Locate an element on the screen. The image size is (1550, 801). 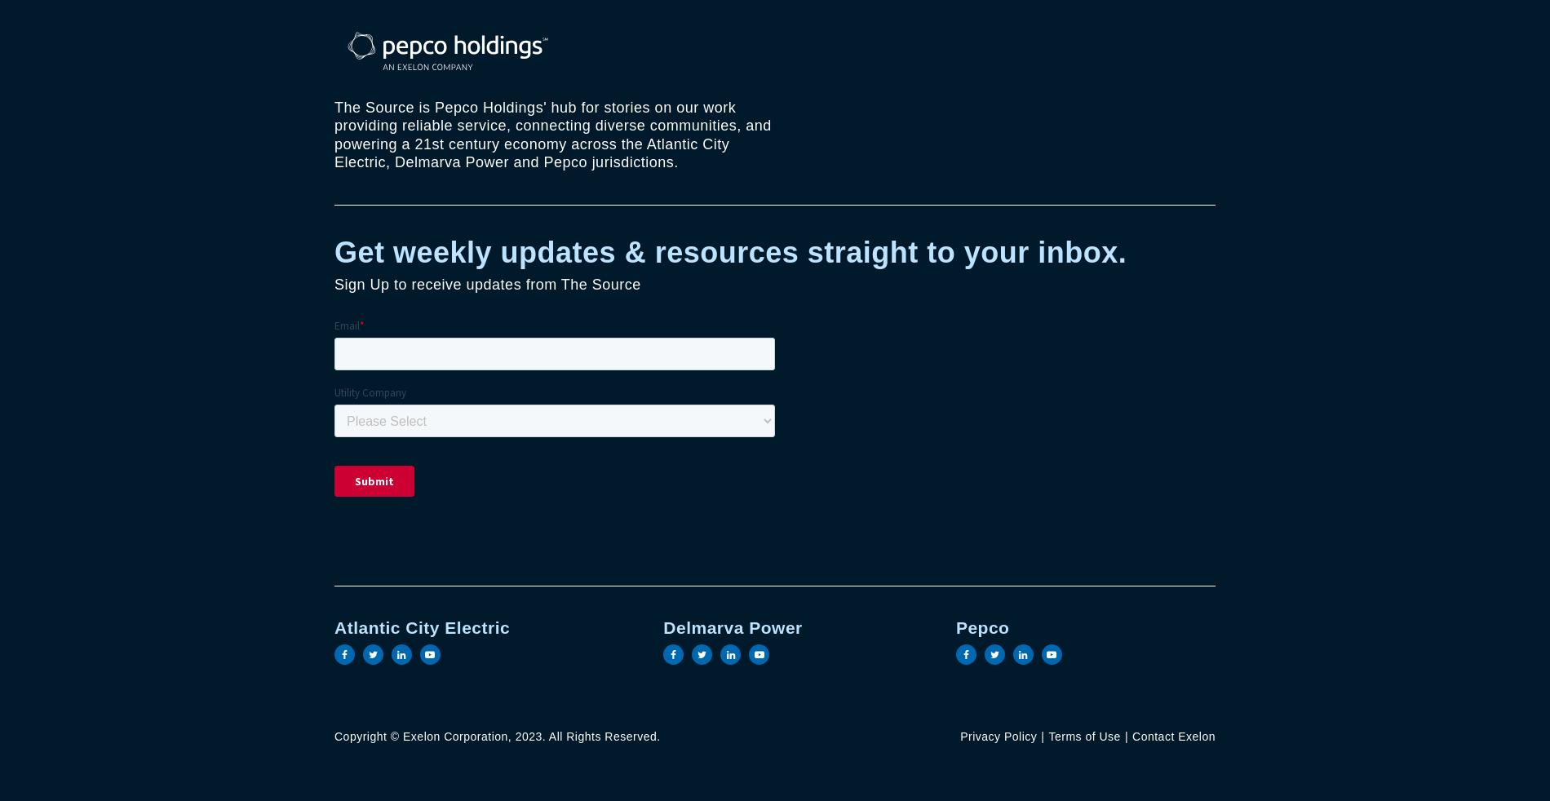
'Get weekly updates & resources straight to your inbox.' is located at coordinates (729, 251).